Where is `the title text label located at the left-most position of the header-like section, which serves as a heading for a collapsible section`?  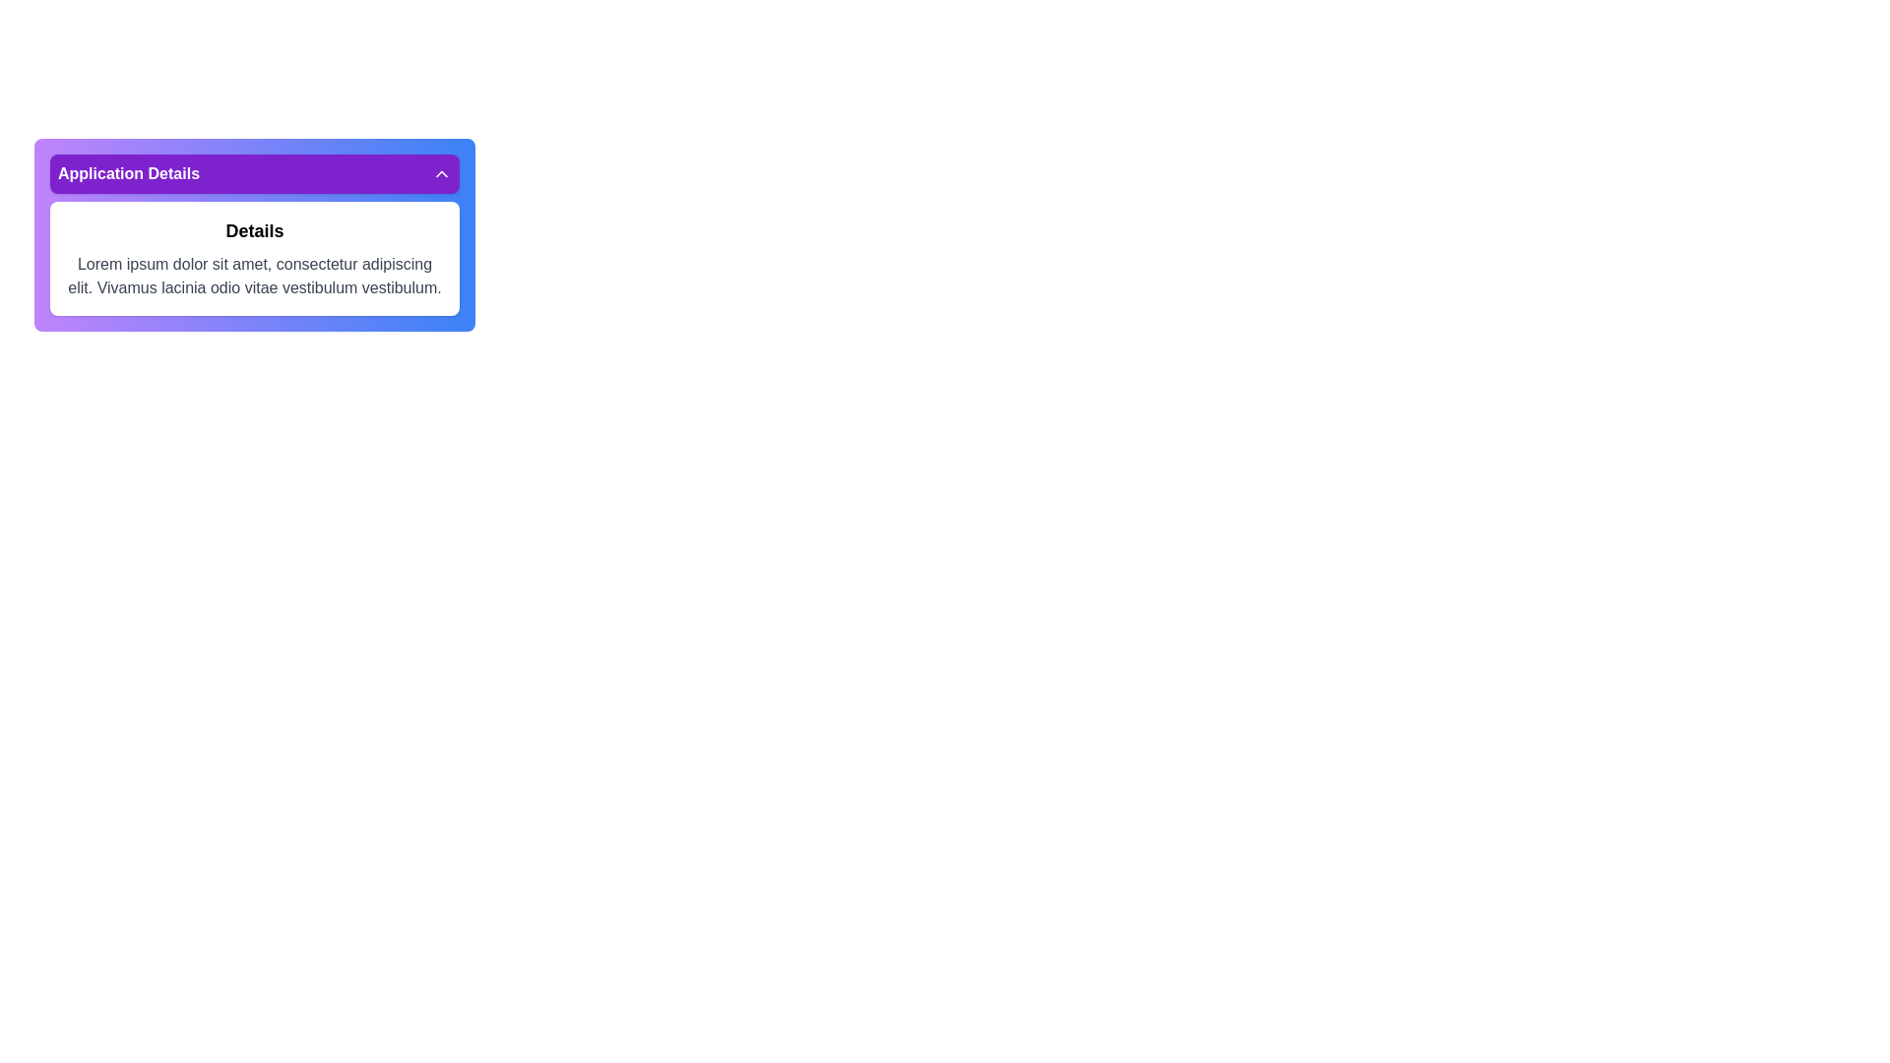
the title text label located at the left-most position of the header-like section, which serves as a heading for a collapsible section is located at coordinates (127, 173).